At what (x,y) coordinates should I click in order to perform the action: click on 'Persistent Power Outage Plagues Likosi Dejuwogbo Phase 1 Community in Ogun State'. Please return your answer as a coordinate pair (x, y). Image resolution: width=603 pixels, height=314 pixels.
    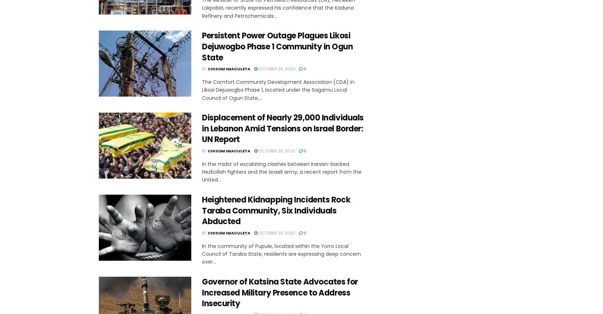
    Looking at the image, I should click on (277, 46).